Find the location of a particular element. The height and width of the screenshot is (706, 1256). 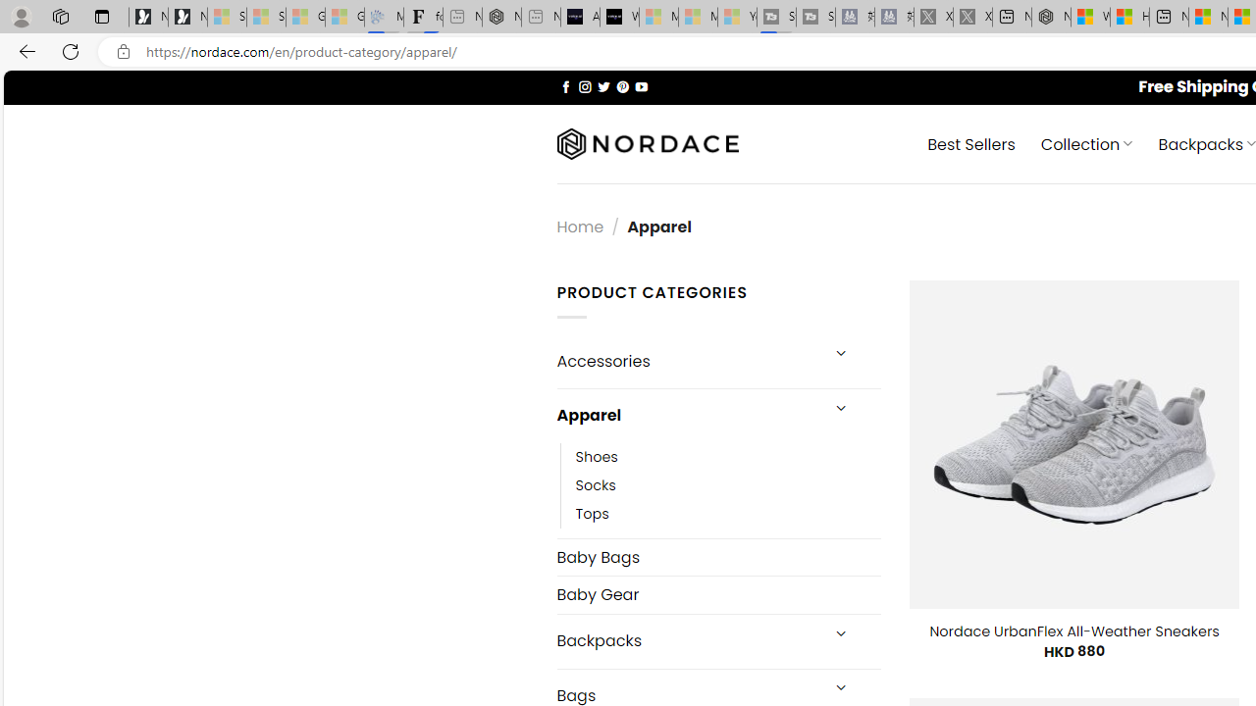

'Tops' is located at coordinates (727, 513).